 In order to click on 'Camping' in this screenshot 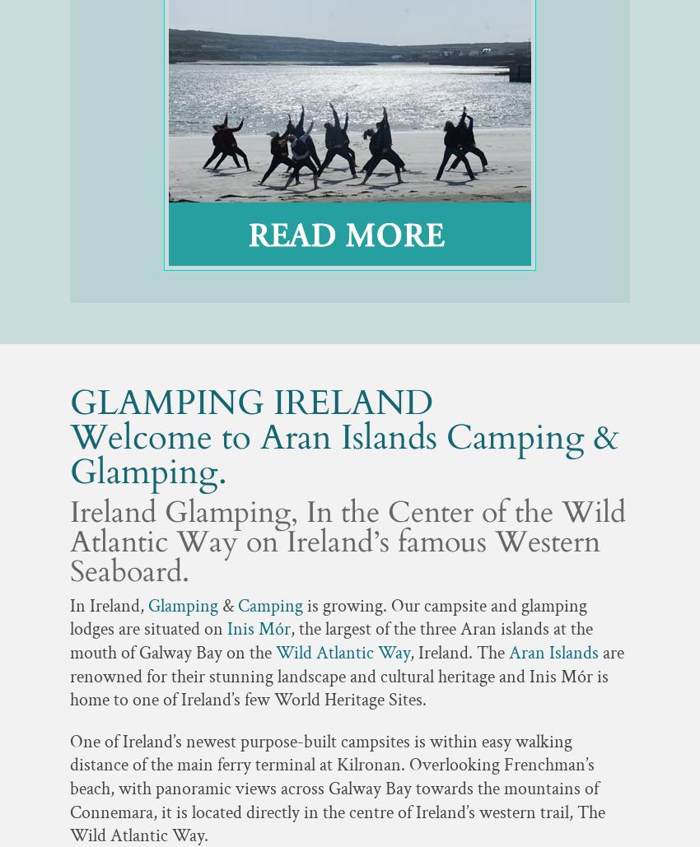, I will do `click(270, 605)`.